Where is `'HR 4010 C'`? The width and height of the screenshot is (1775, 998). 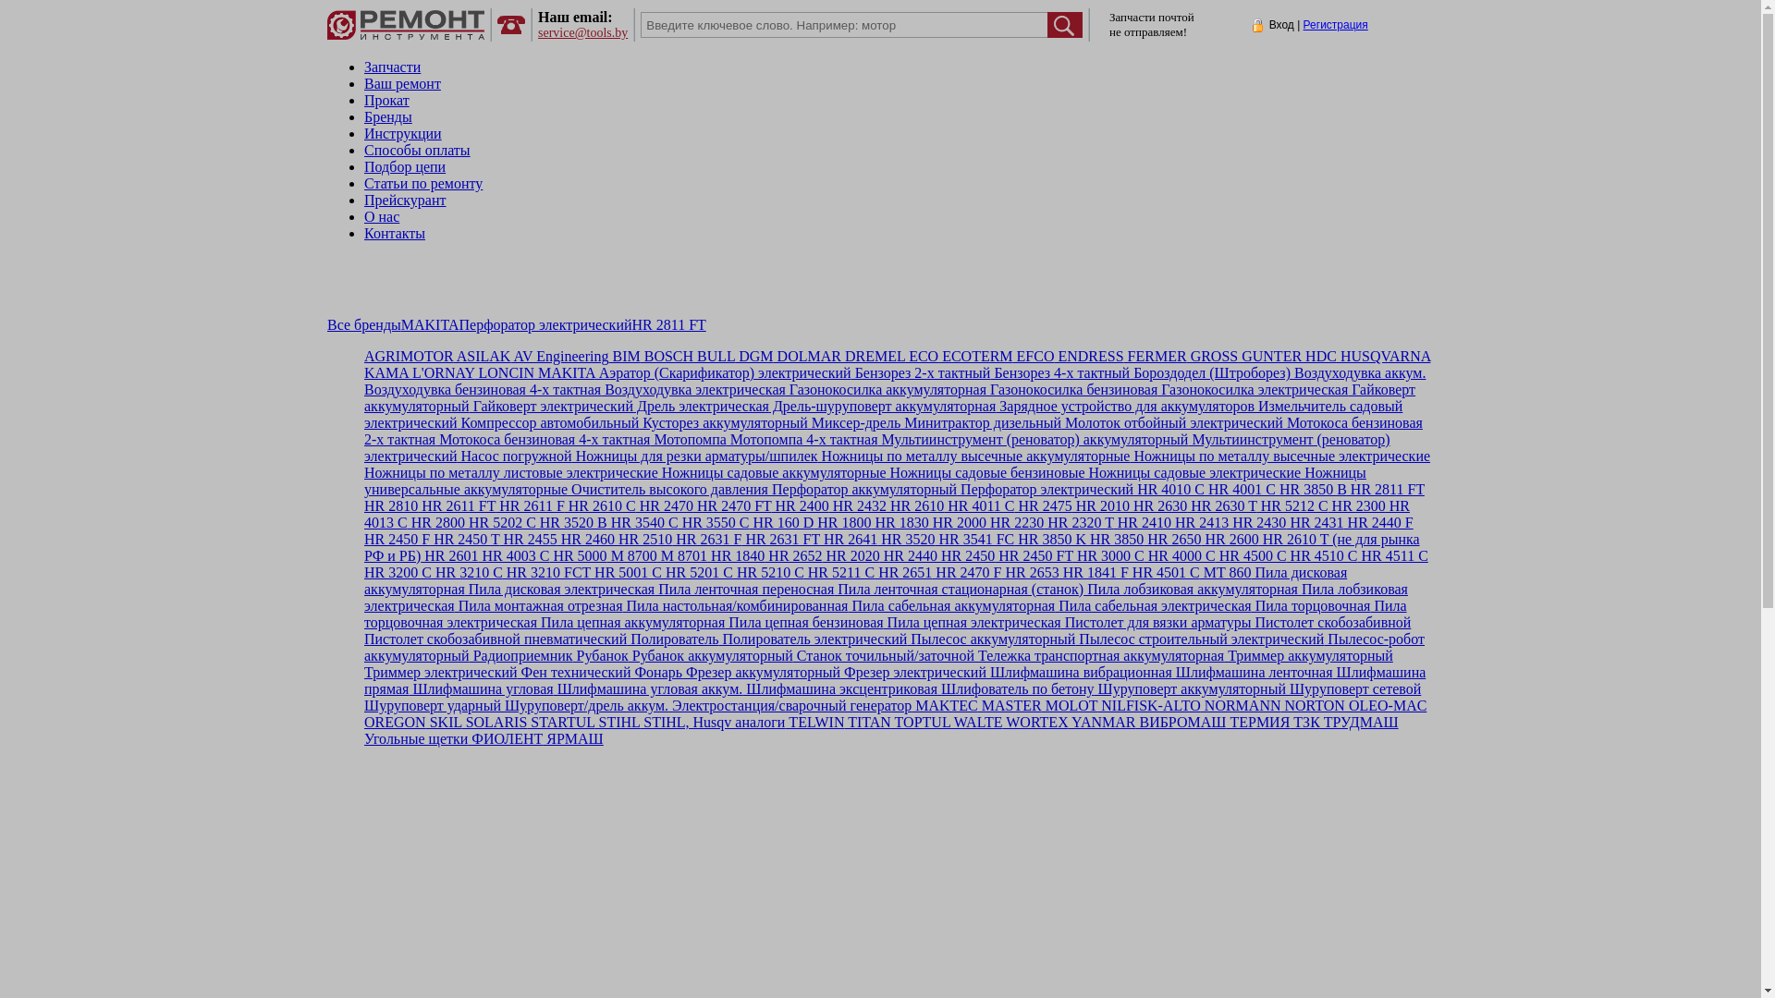
'HR 4010 C' is located at coordinates (1168, 488).